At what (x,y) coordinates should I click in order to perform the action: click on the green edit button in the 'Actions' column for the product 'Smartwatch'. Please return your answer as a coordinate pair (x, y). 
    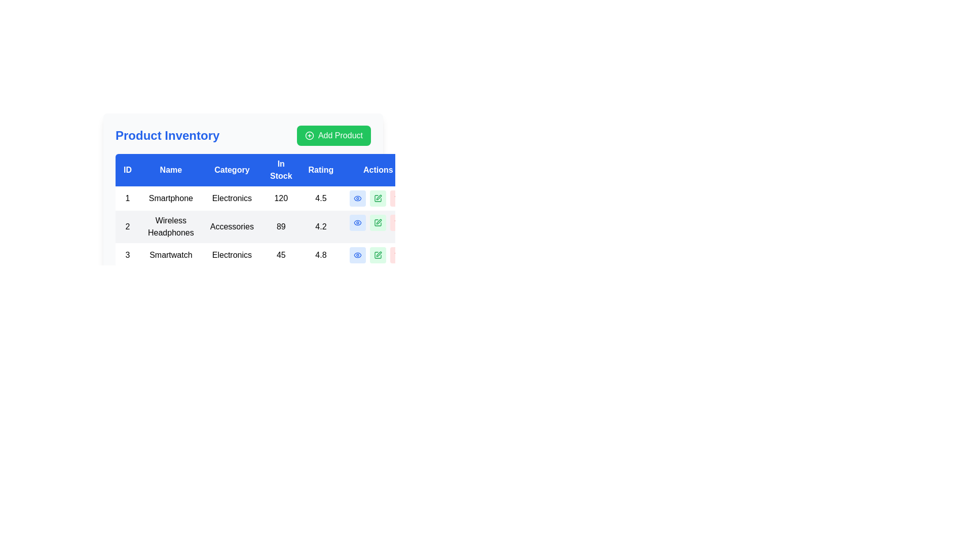
    Looking at the image, I should click on (378, 255).